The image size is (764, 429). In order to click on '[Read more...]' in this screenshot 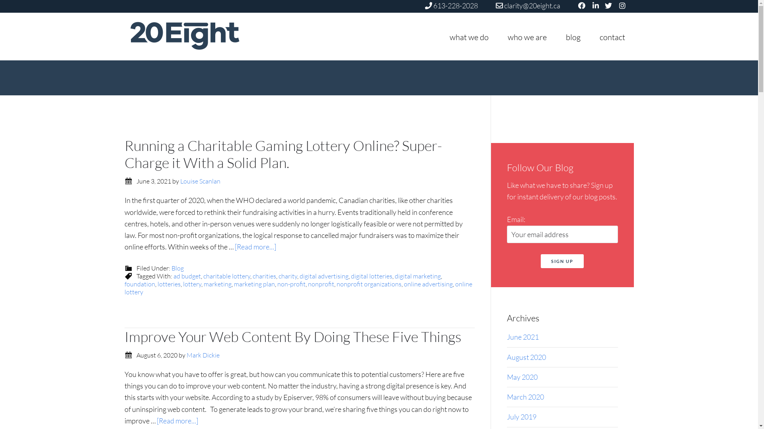, I will do `click(177, 420)`.